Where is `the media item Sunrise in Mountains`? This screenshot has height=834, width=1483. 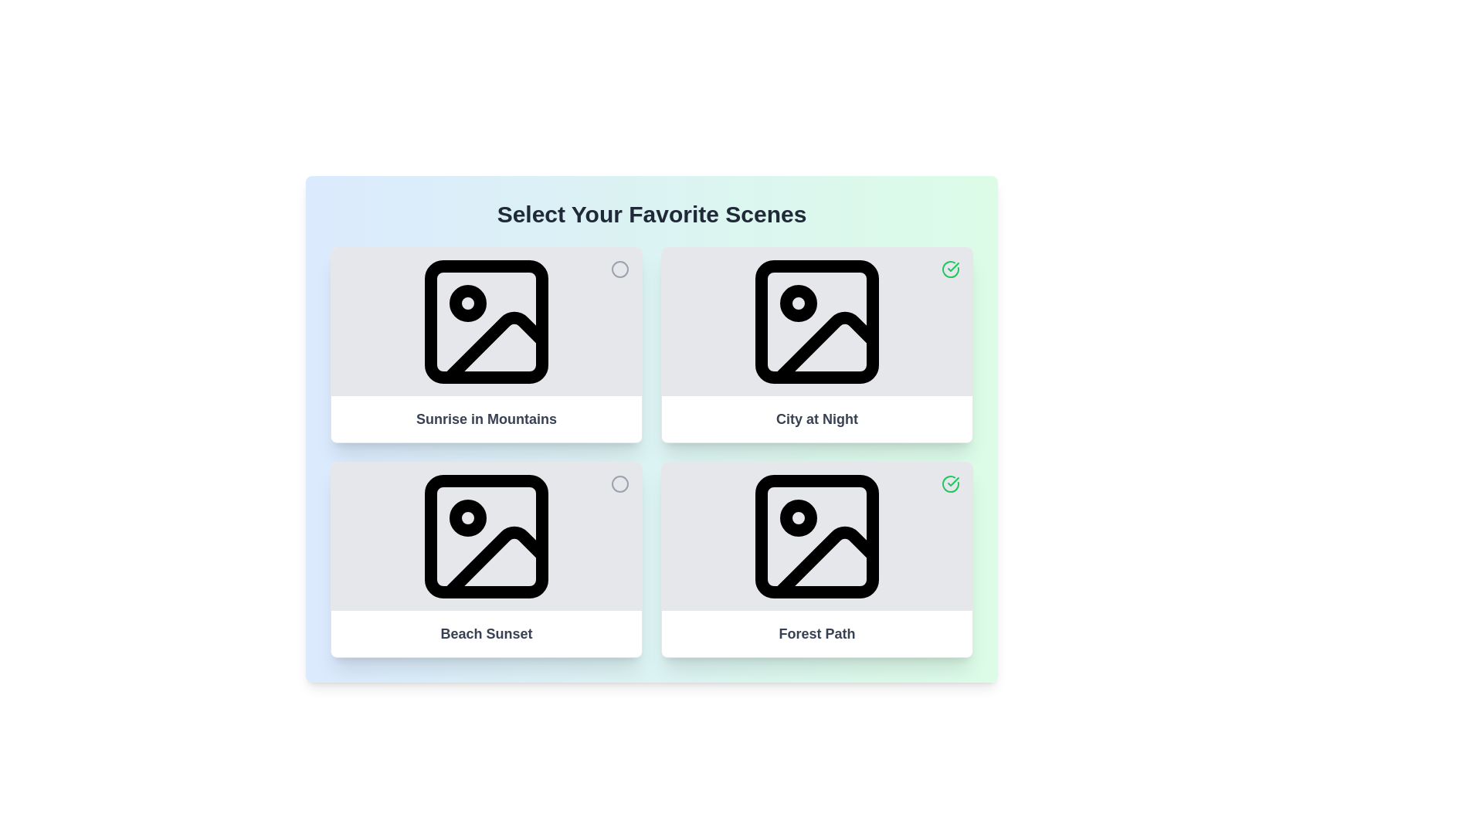 the media item Sunrise in Mountains is located at coordinates (619, 268).